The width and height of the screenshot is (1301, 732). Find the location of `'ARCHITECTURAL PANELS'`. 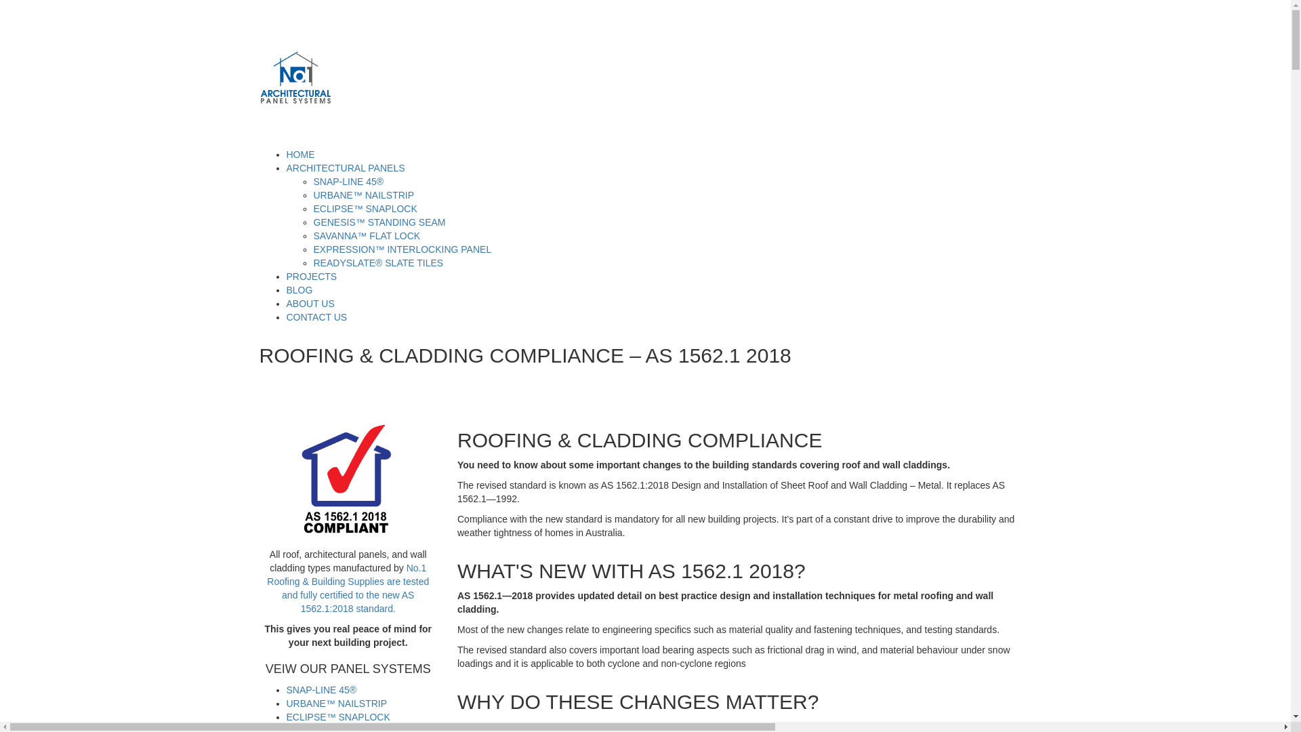

'ARCHITECTURAL PANELS' is located at coordinates (345, 167).